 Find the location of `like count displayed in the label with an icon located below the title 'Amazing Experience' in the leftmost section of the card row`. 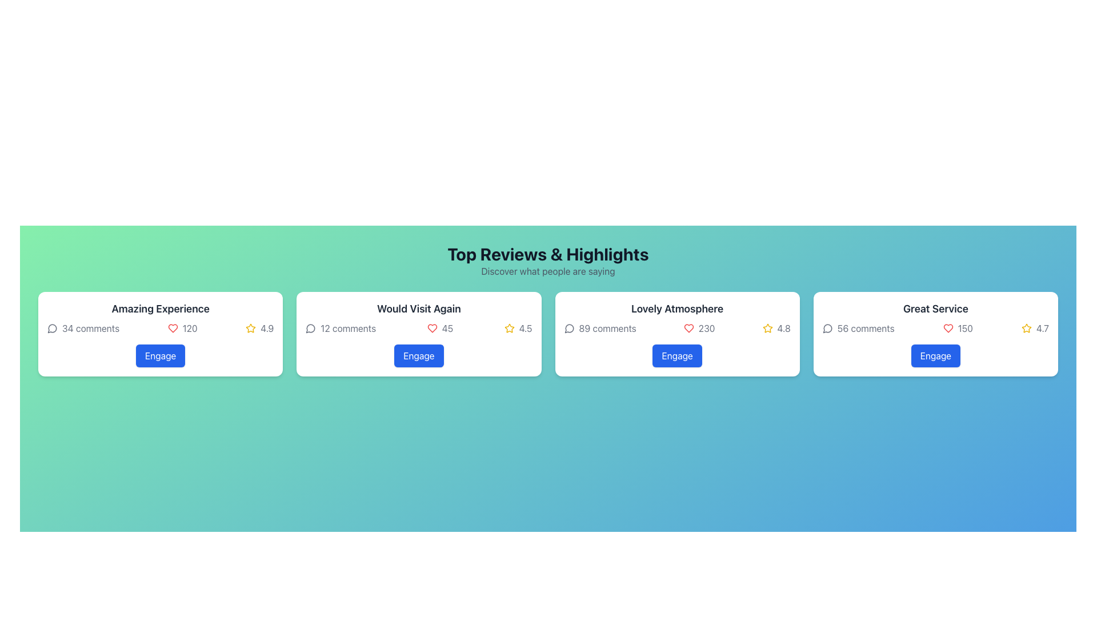

like count displayed in the label with an icon located below the title 'Amazing Experience' in the leftmost section of the card row is located at coordinates (182, 328).